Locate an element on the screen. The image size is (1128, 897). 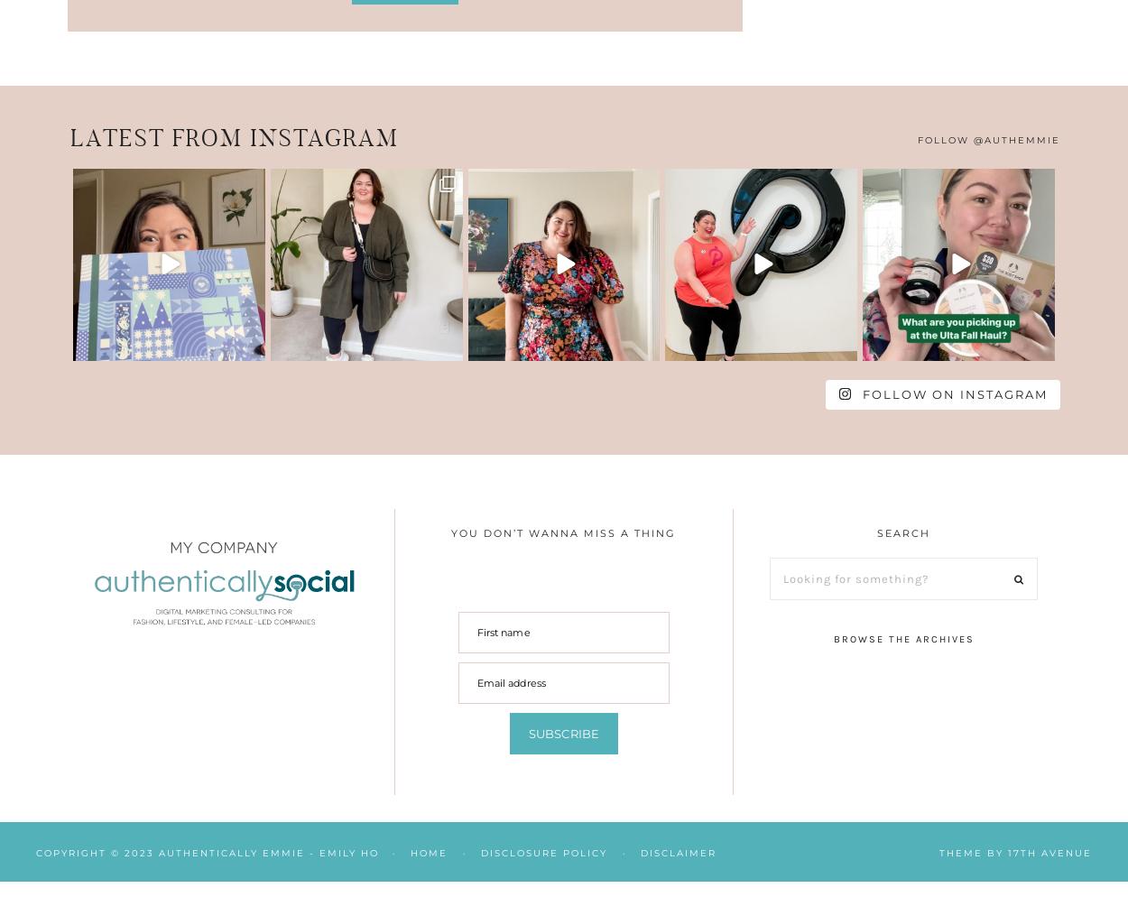
'Follow on Instagram' is located at coordinates (955, 393).